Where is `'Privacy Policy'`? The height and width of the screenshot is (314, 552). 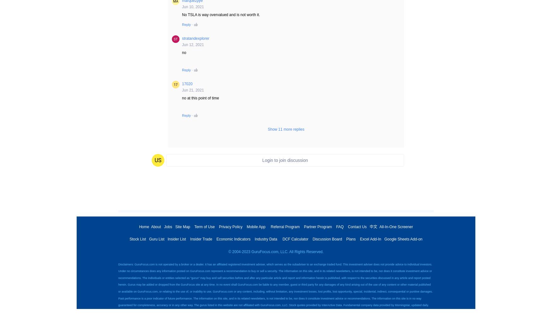 'Privacy Policy' is located at coordinates (230, 226).